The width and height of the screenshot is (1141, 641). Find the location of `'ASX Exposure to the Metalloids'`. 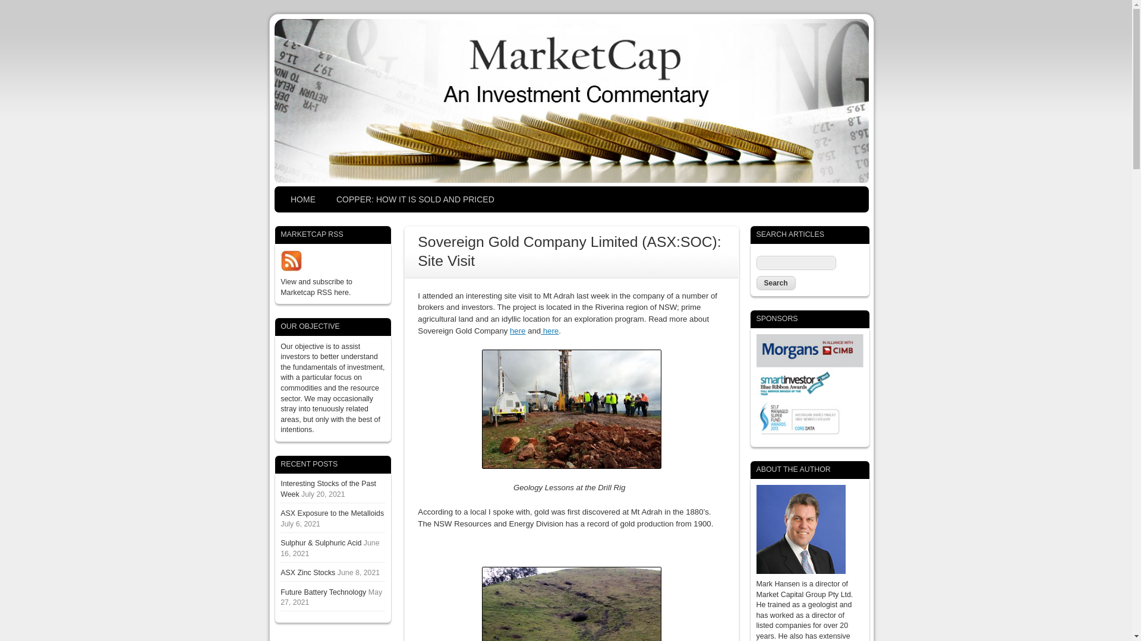

'ASX Exposure to the Metalloids' is located at coordinates (332, 512).